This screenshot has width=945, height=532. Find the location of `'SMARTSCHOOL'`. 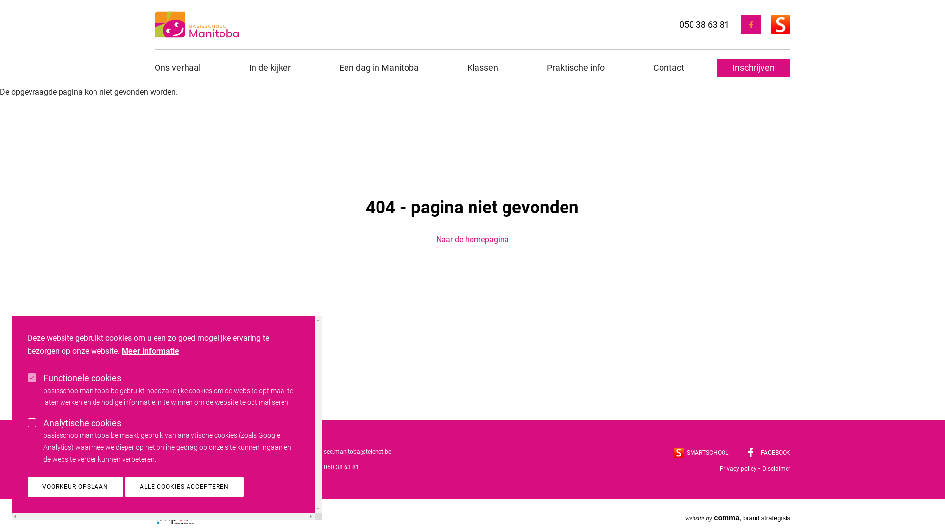

'SMARTSCHOOL' is located at coordinates (673, 452).